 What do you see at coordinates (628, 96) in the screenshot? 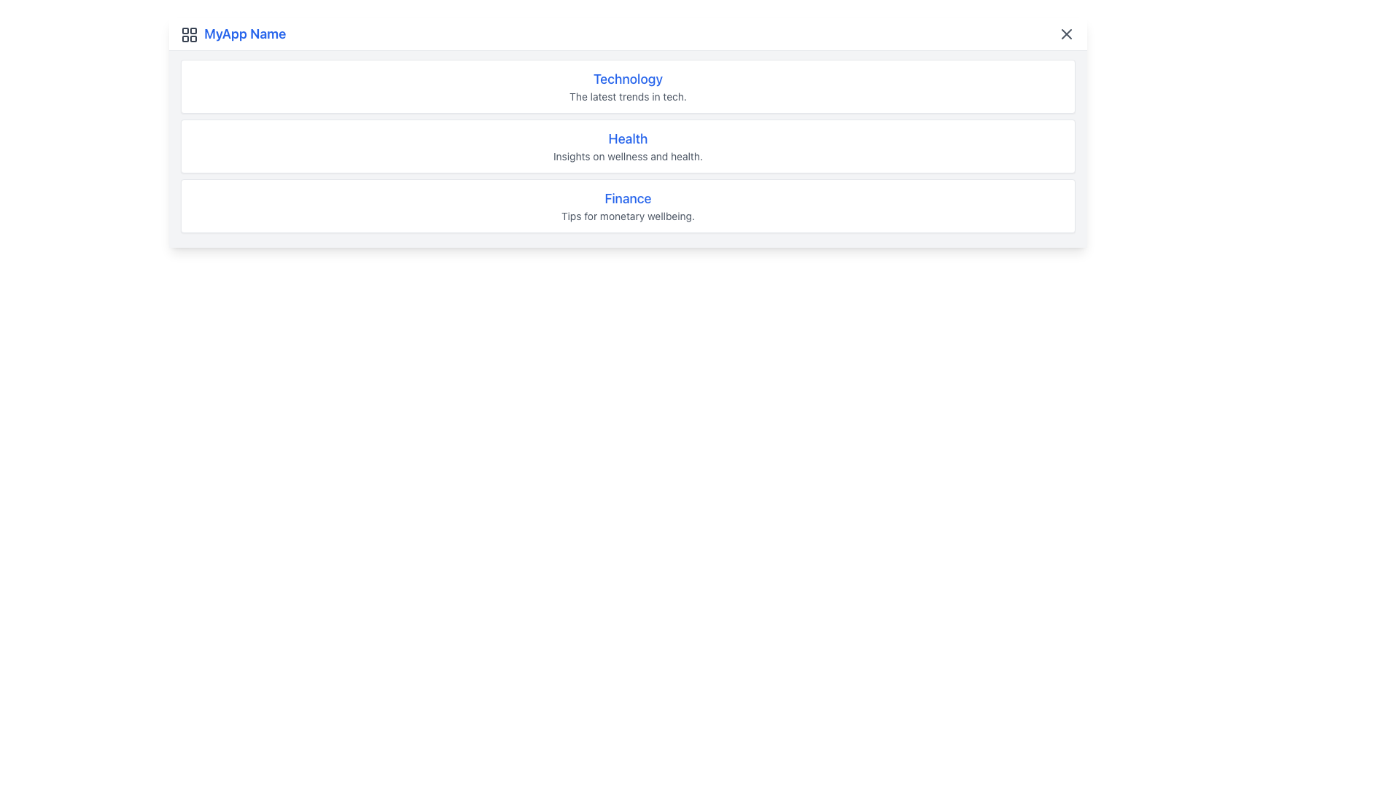
I see `the text label that reads 'The latest trends in tech.' which is styled in a small, gray font and positioned below the heading 'Technology.'` at bounding box center [628, 96].